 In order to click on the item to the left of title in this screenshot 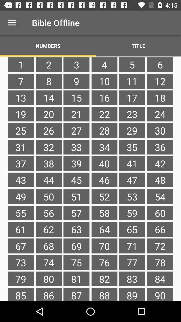, I will do `click(48, 45)`.